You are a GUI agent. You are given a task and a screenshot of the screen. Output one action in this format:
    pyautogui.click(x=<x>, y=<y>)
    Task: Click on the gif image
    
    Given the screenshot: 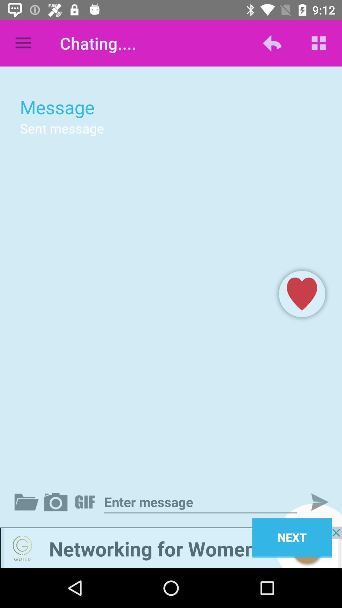 What is the action you would take?
    pyautogui.click(x=86, y=502)
    